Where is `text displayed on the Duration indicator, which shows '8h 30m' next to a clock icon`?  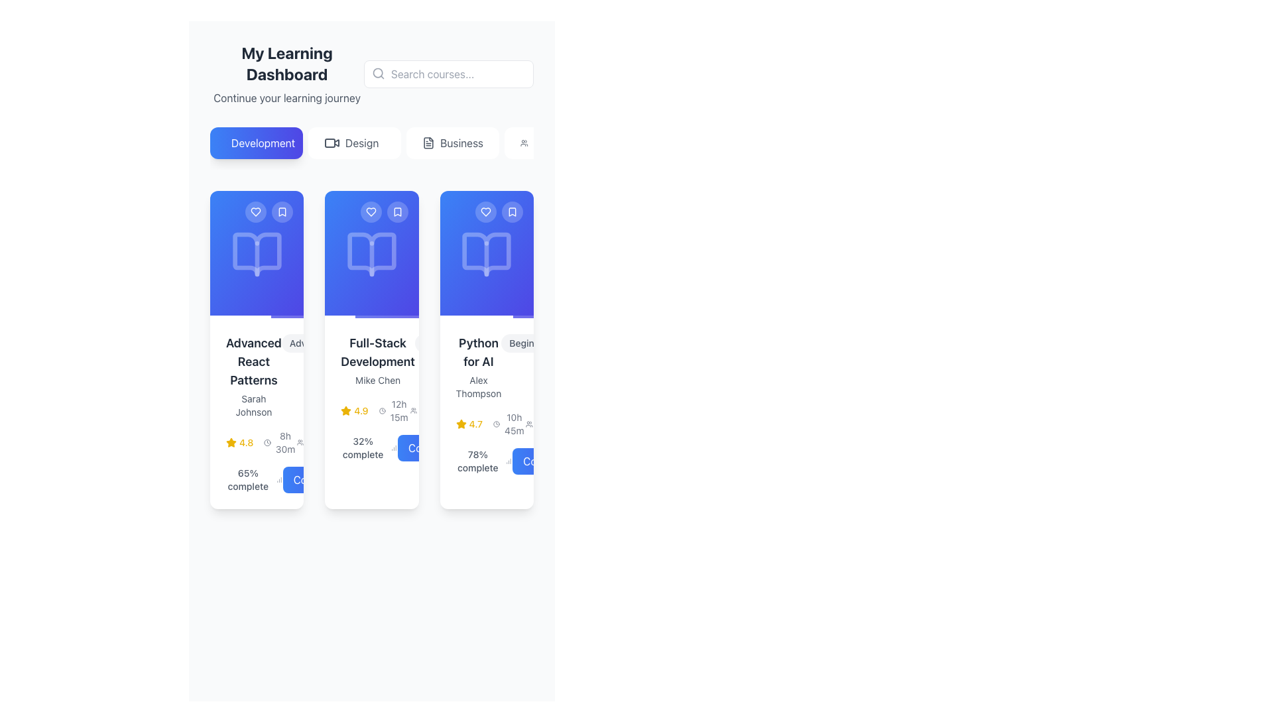
text displayed on the Duration indicator, which shows '8h 30m' next to a clock icon is located at coordinates (280, 442).